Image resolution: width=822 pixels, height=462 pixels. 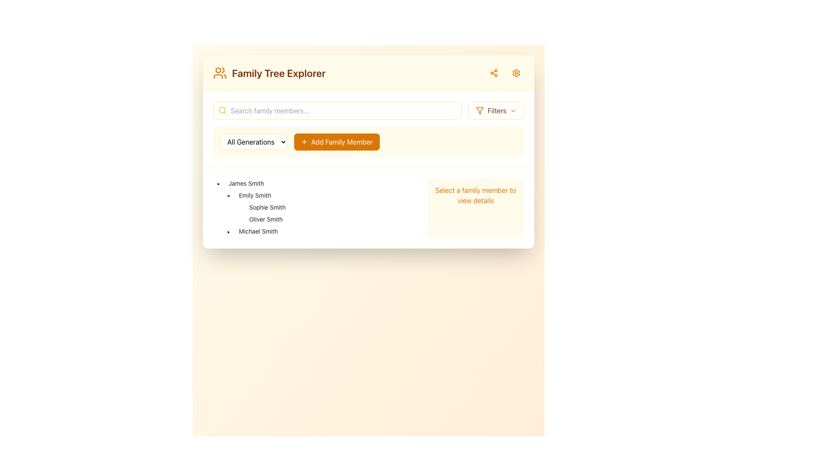 I want to click on the downwards-pointing caret icon of the Tree node toggle for 'James Smith', so click(x=218, y=183).